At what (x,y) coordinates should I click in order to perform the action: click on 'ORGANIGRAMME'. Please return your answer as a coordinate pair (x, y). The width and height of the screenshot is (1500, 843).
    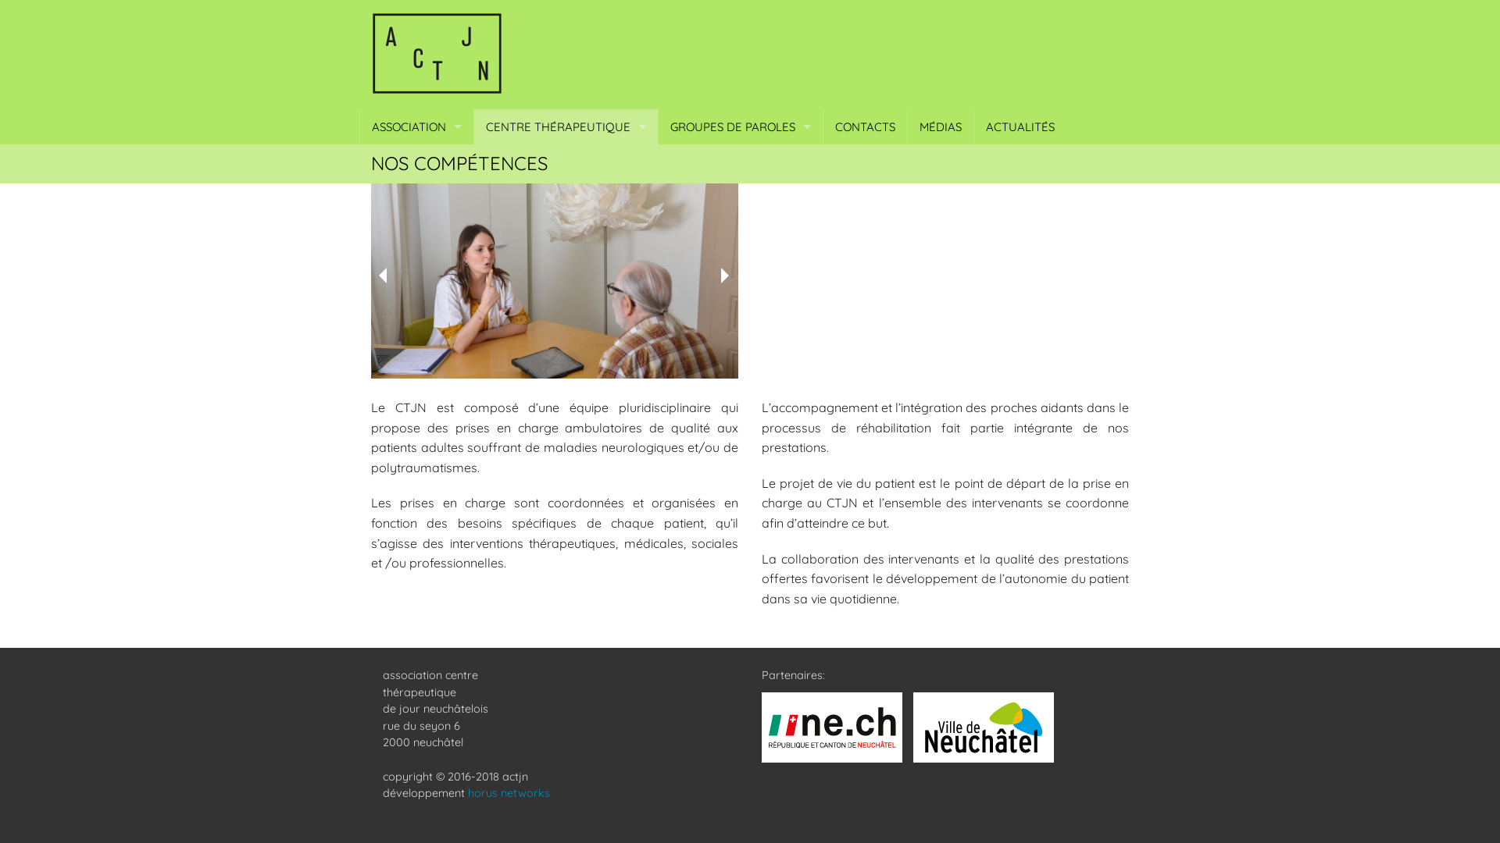
    Looking at the image, I should click on (416, 196).